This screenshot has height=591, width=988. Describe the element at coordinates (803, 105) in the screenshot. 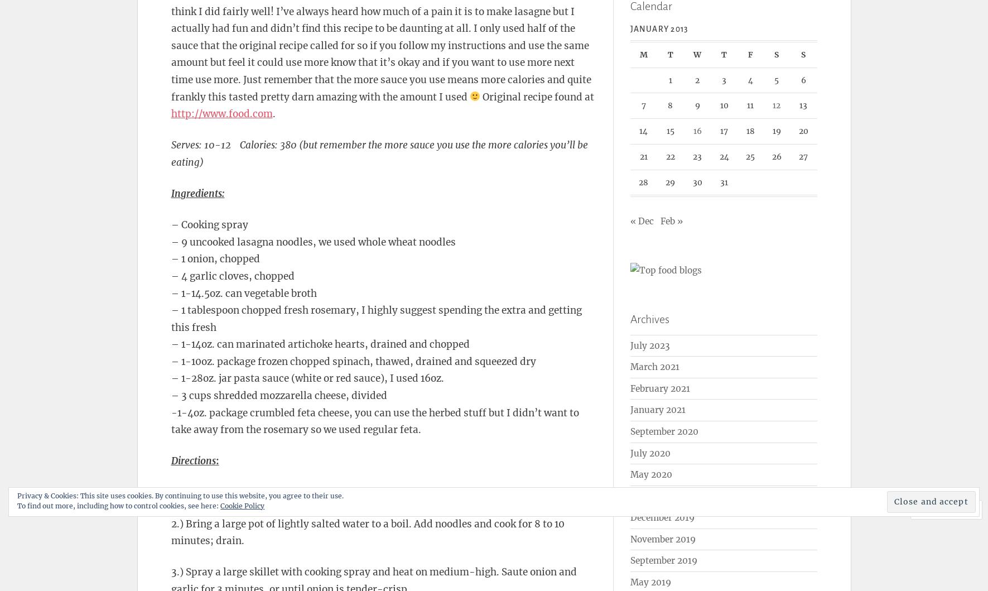

I see `'13'` at that location.